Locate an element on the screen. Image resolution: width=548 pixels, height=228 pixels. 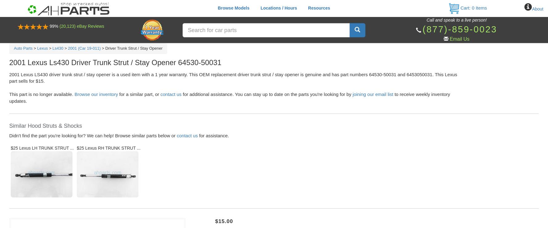
'This part is no longer available.' is located at coordinates (42, 94).